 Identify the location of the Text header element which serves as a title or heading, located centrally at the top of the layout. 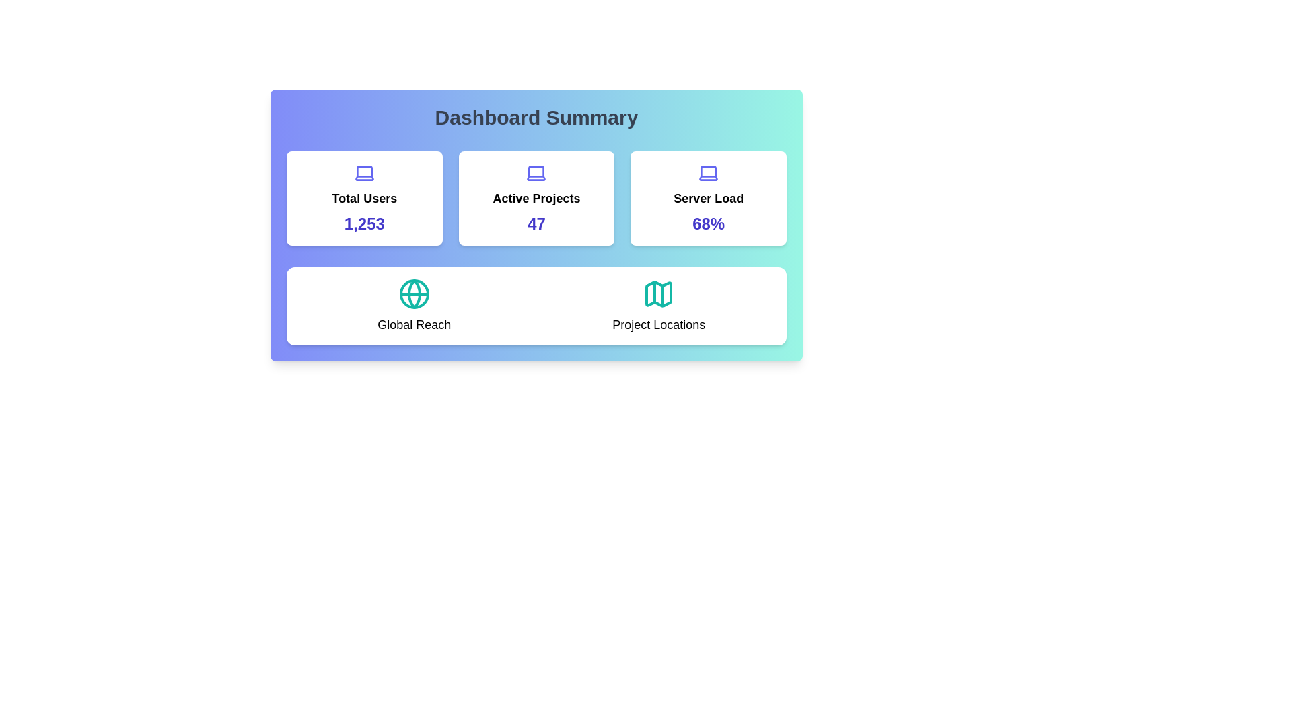
(536, 116).